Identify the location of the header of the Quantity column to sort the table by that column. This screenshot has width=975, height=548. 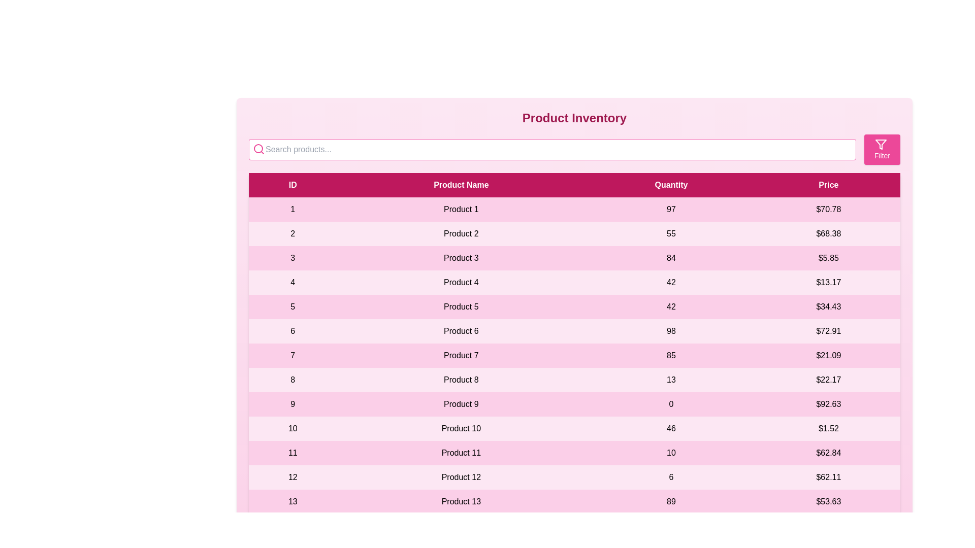
(671, 185).